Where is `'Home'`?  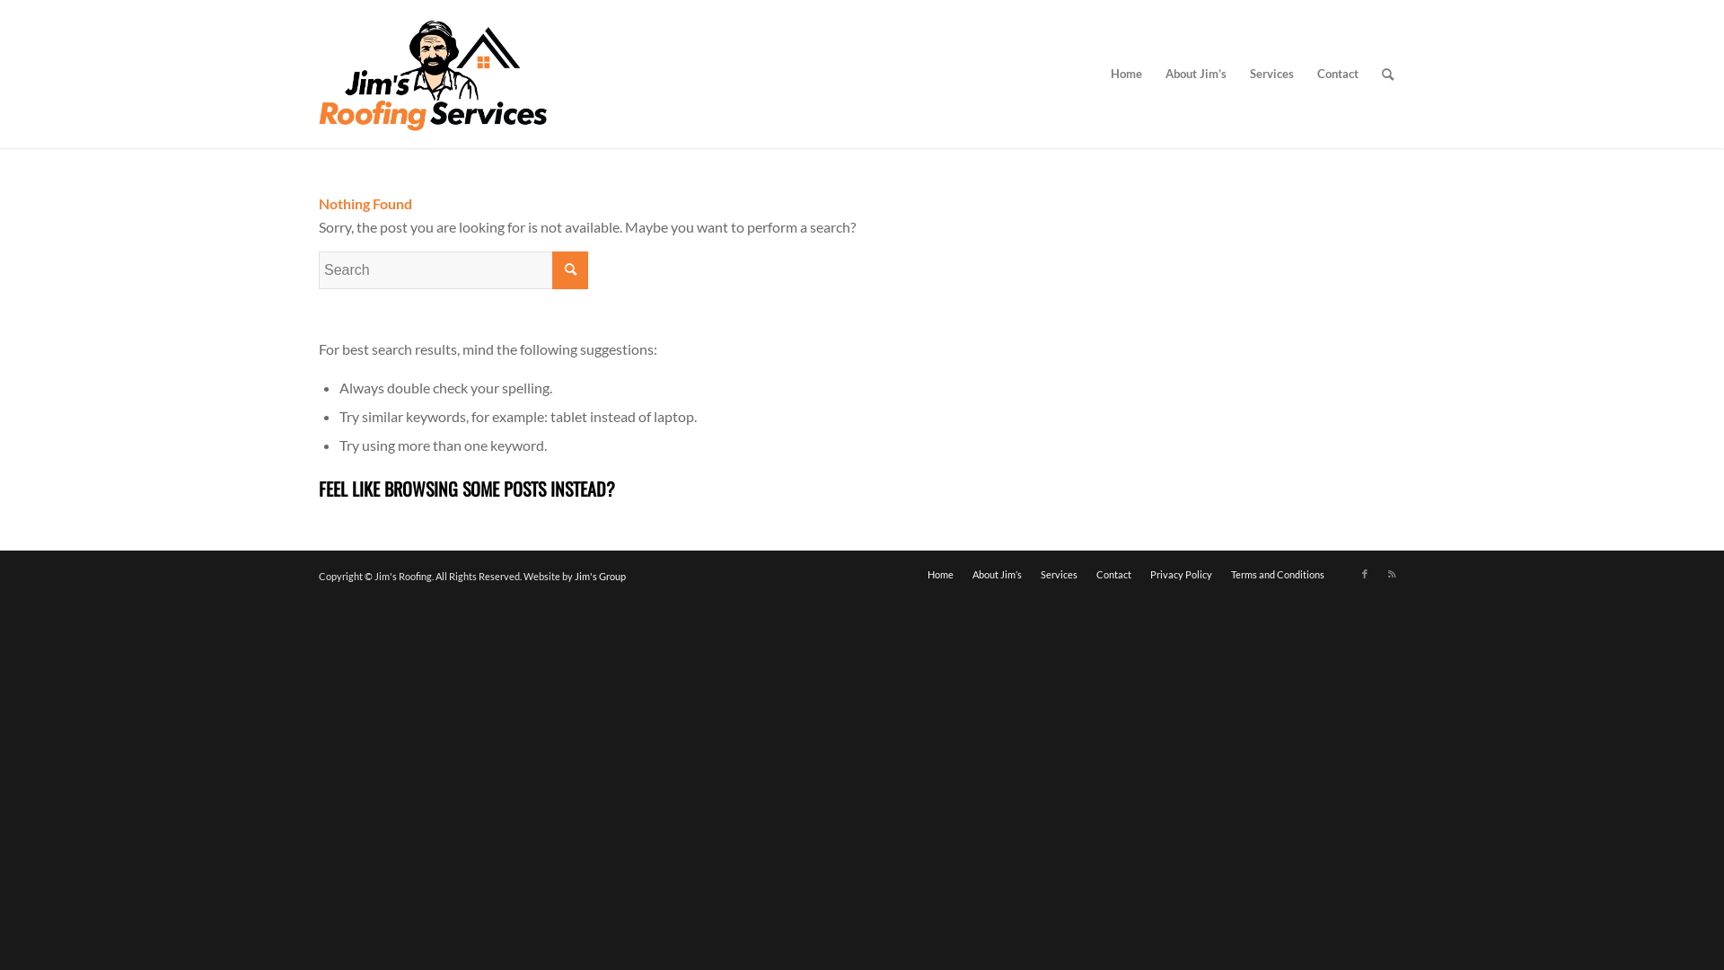 'Home' is located at coordinates (1125, 73).